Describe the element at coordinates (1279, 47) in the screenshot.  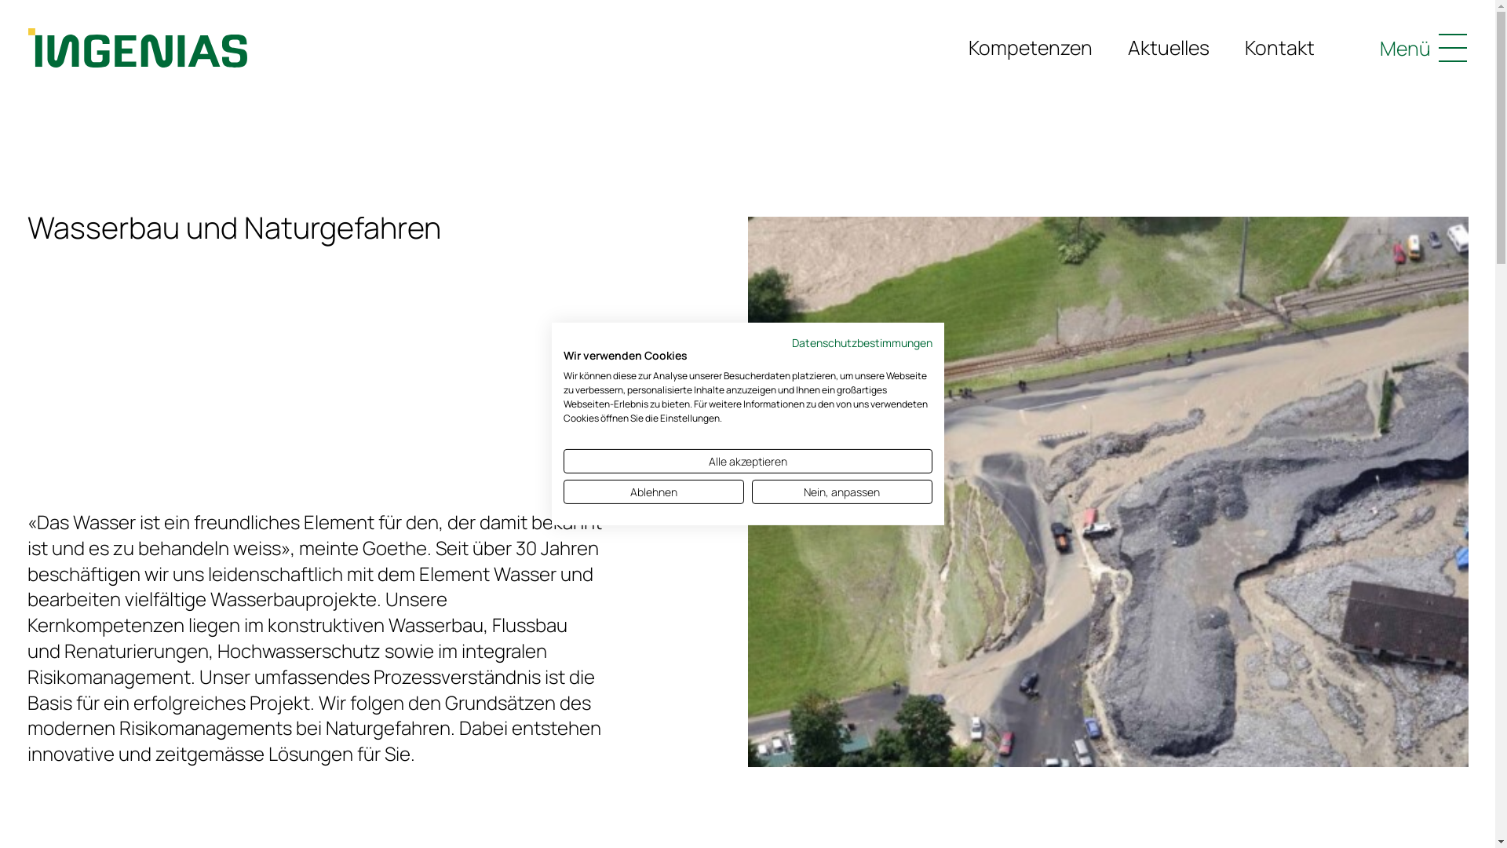
I see `'Kontakt'` at that location.